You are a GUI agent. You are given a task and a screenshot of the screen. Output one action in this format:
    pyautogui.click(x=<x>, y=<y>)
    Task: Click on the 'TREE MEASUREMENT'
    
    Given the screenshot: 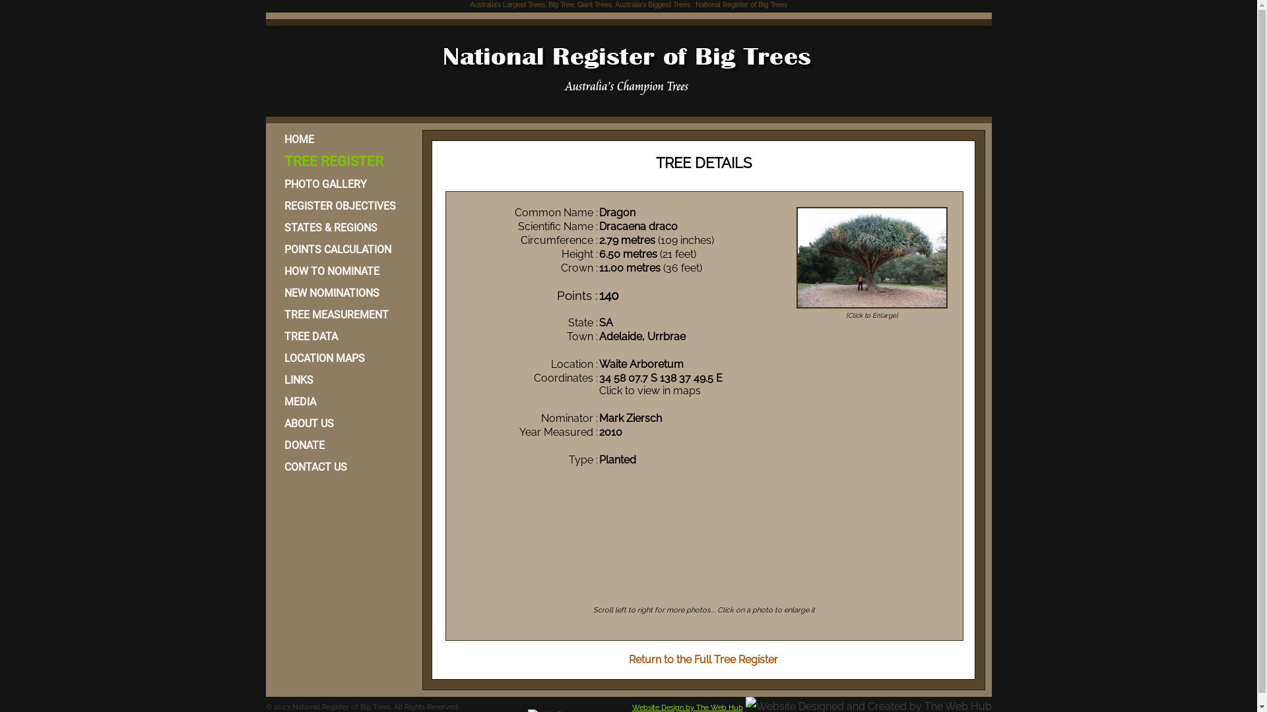 What is the action you would take?
    pyautogui.click(x=342, y=314)
    